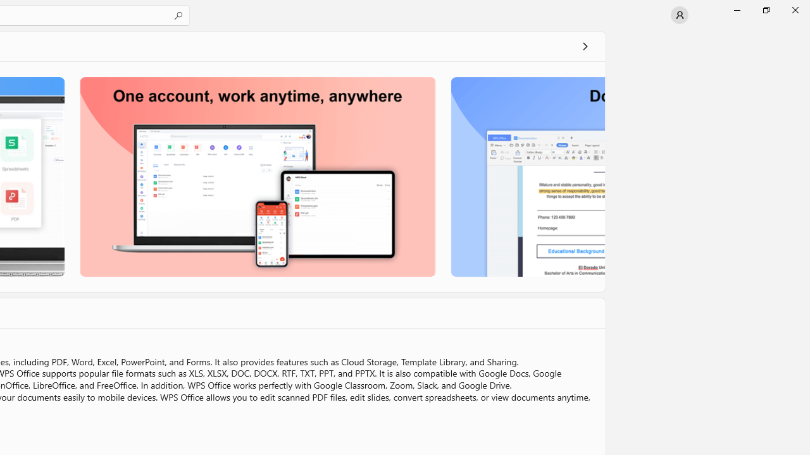 The height and width of the screenshot is (455, 810). I want to click on 'Close Microsoft Store', so click(794, 9).